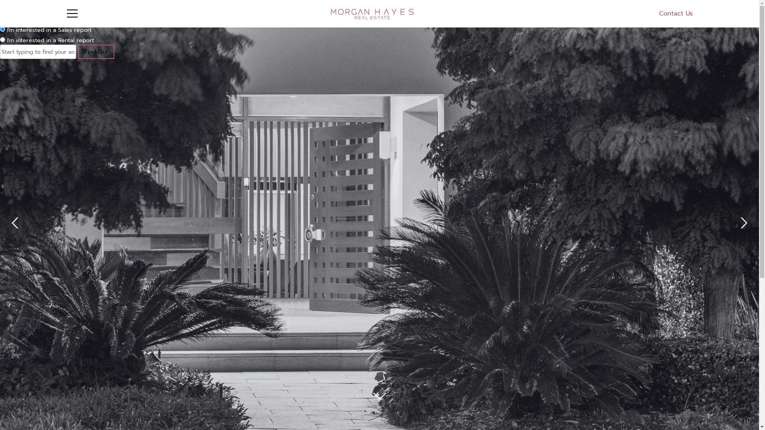 The image size is (765, 430). I want to click on 'Contact Us', so click(659, 14).